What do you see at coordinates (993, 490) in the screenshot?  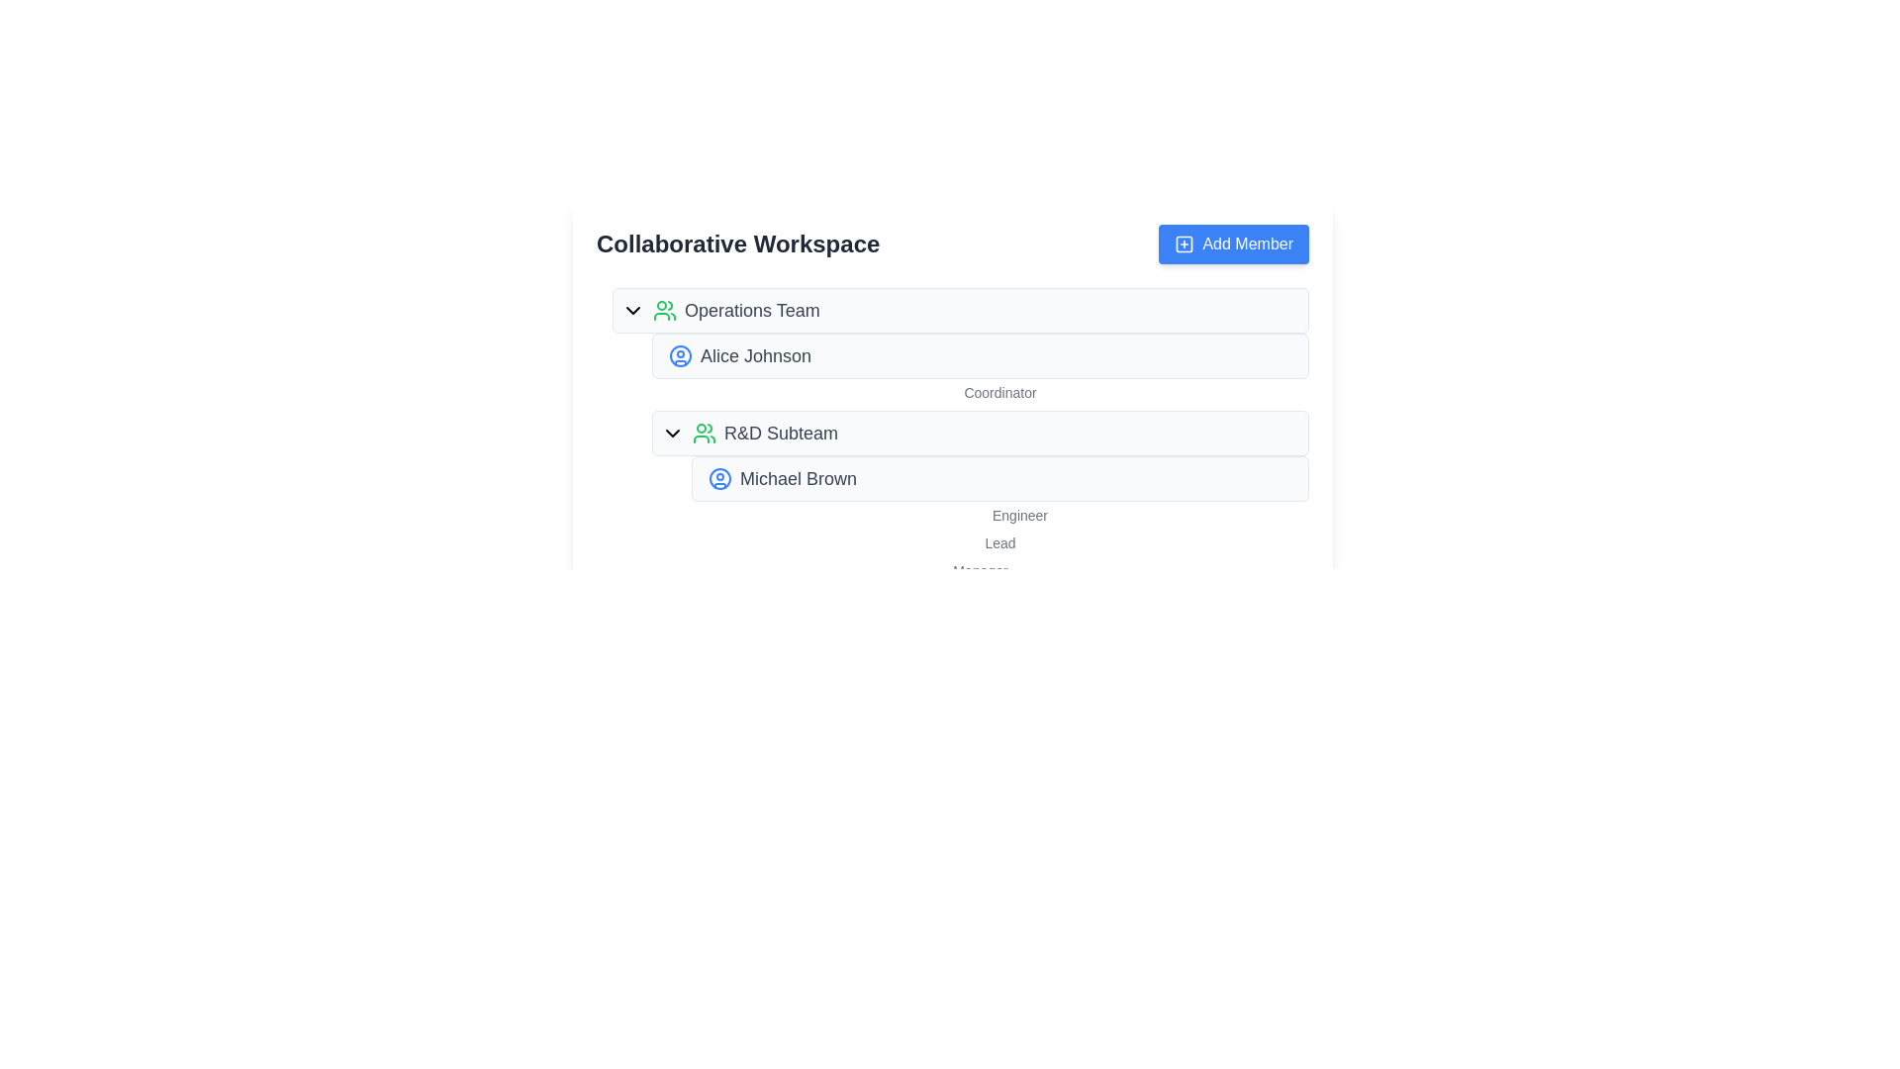 I see `the list item displaying the name 'Michael Brown' under the 'R&D Subteam' section` at bounding box center [993, 490].